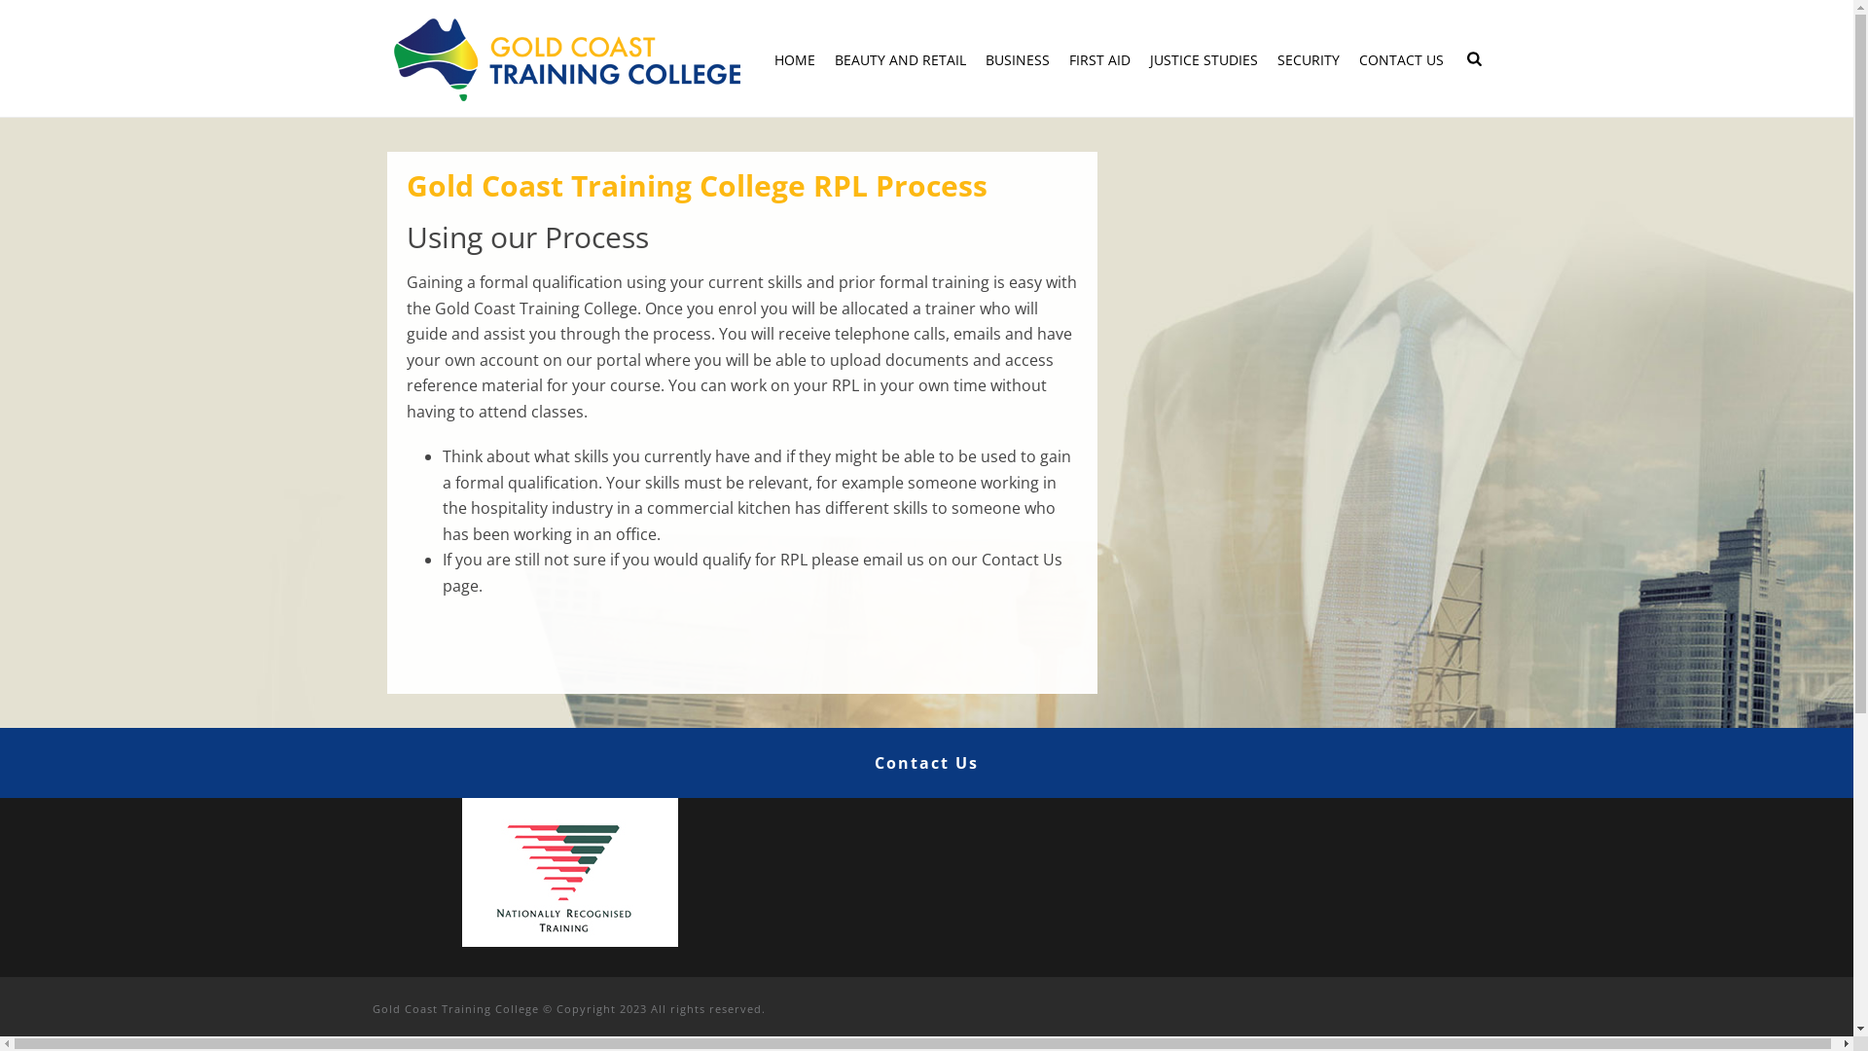 This screenshot has width=1868, height=1051. What do you see at coordinates (1203, 58) in the screenshot?
I see `'JUSTICE STUDIES'` at bounding box center [1203, 58].